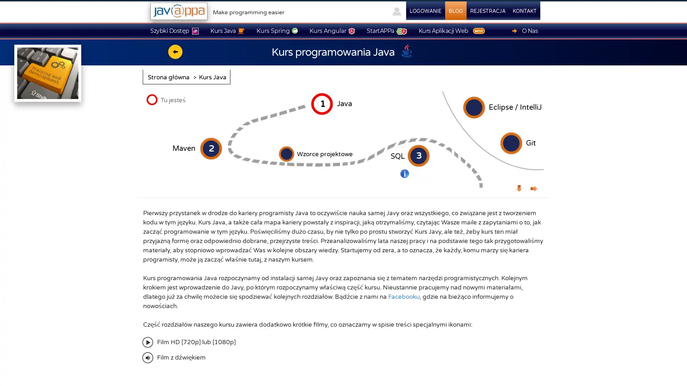  What do you see at coordinates (341, 104) in the screenshot?
I see `Java` at bounding box center [341, 104].